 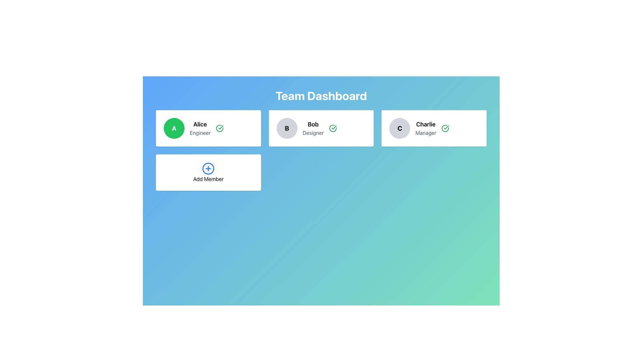 What do you see at coordinates (208, 179) in the screenshot?
I see `the card containing the text label that guides users` at bounding box center [208, 179].